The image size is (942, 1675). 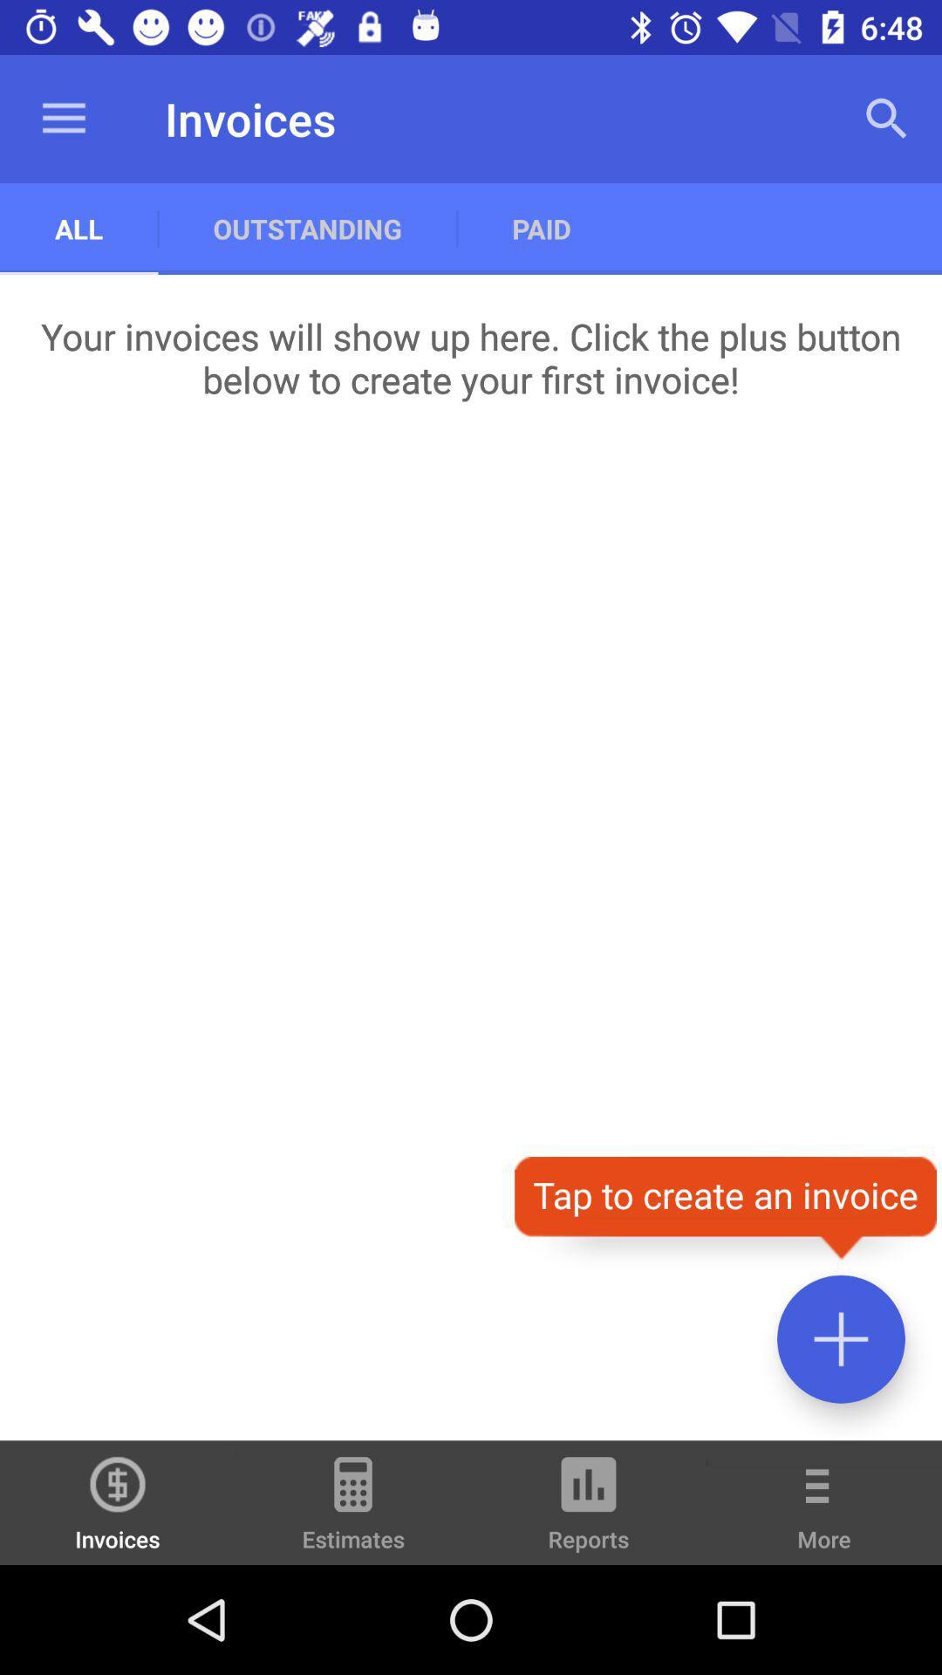 I want to click on the item next to the outstanding app, so click(x=78, y=228).